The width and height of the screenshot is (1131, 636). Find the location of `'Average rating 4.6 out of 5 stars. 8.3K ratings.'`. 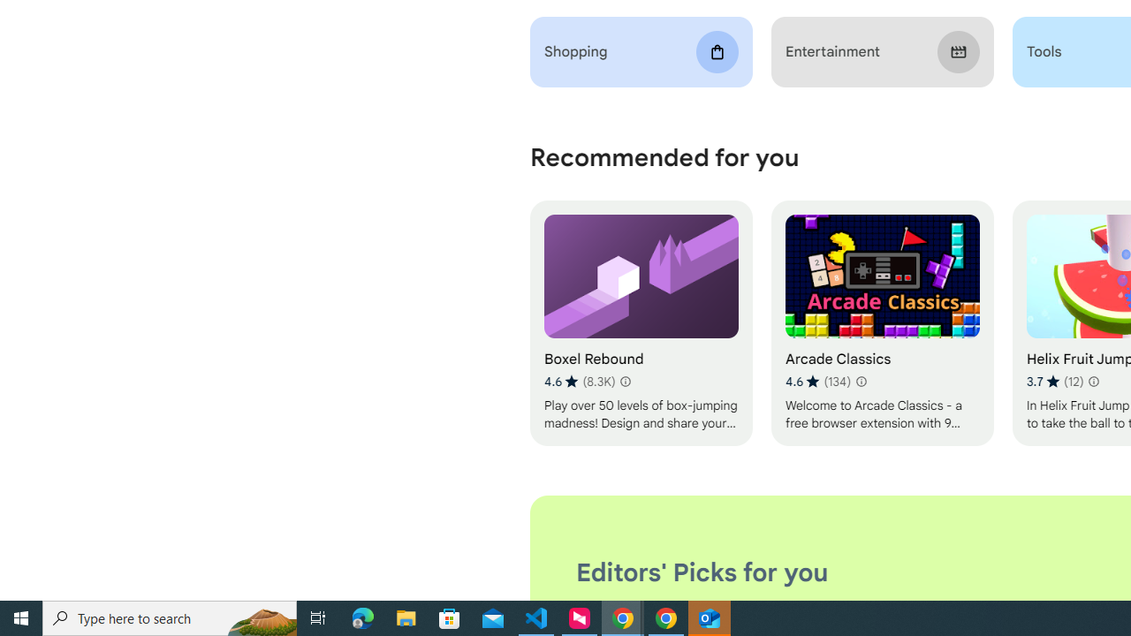

'Average rating 4.6 out of 5 stars. 8.3K ratings.' is located at coordinates (580, 381).